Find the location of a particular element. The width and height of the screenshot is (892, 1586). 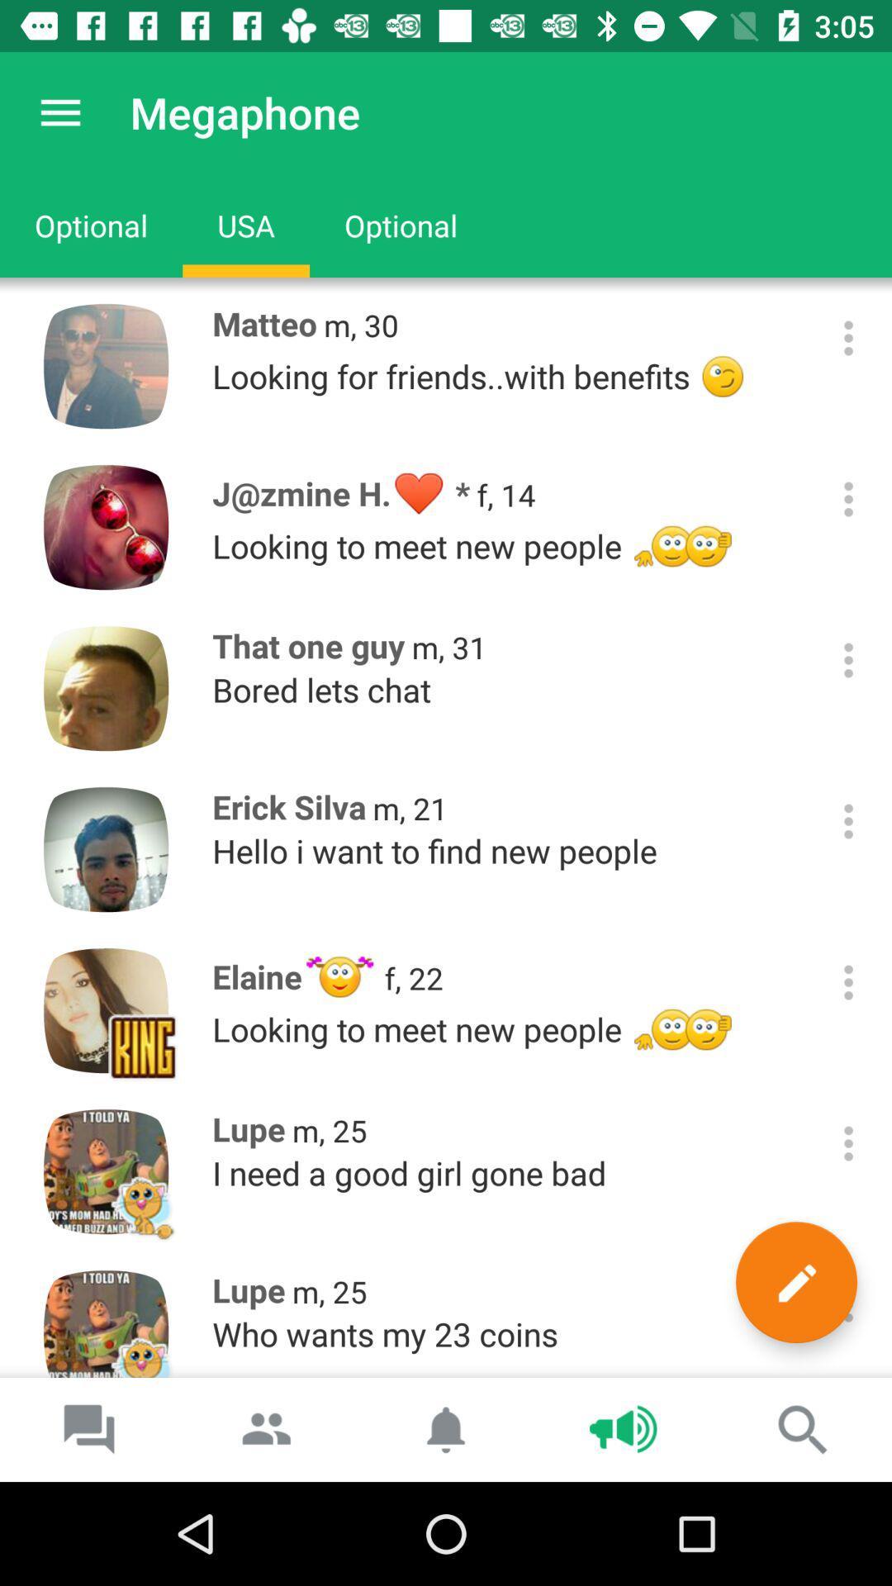

show conversation options is located at coordinates (848, 498).